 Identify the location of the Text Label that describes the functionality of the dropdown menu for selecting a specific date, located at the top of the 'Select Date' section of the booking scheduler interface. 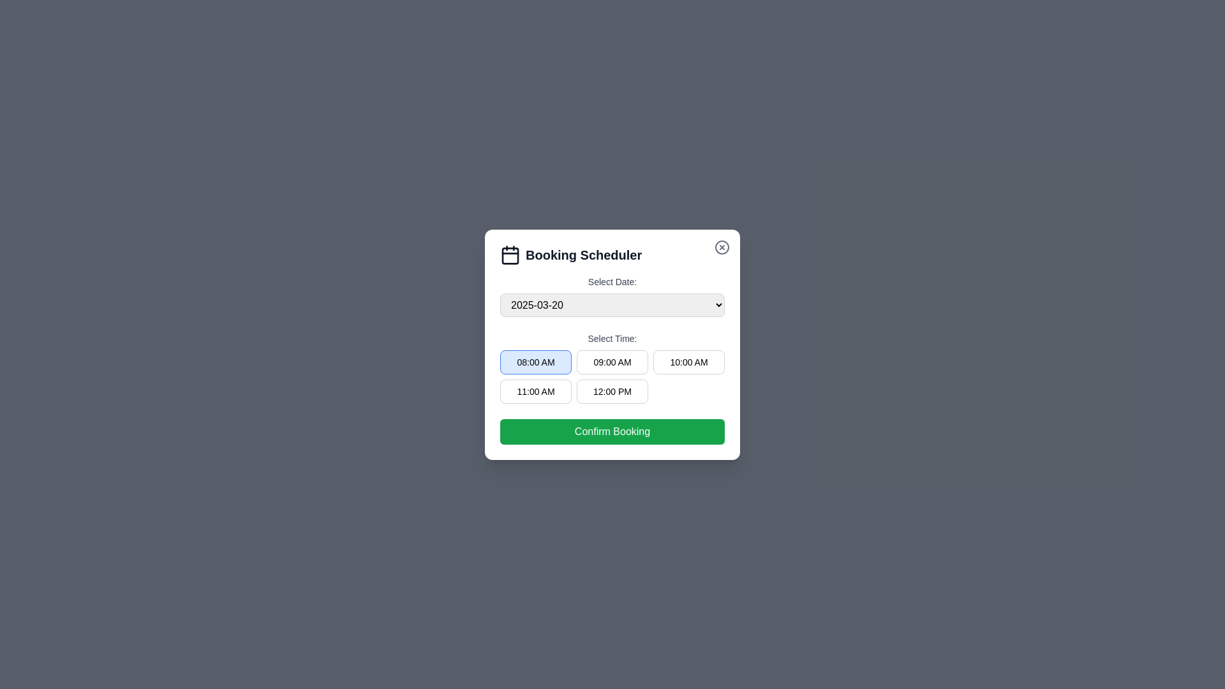
(612, 280).